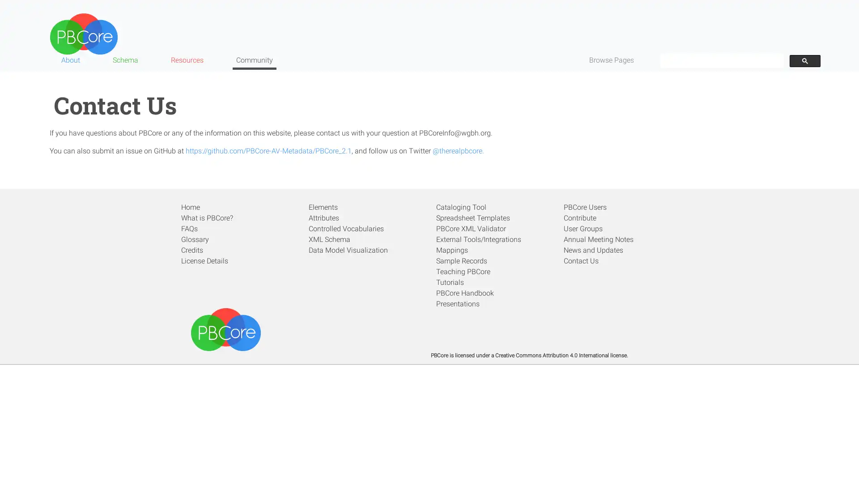 The height and width of the screenshot is (483, 859). Describe the element at coordinates (805, 60) in the screenshot. I see `search` at that location.